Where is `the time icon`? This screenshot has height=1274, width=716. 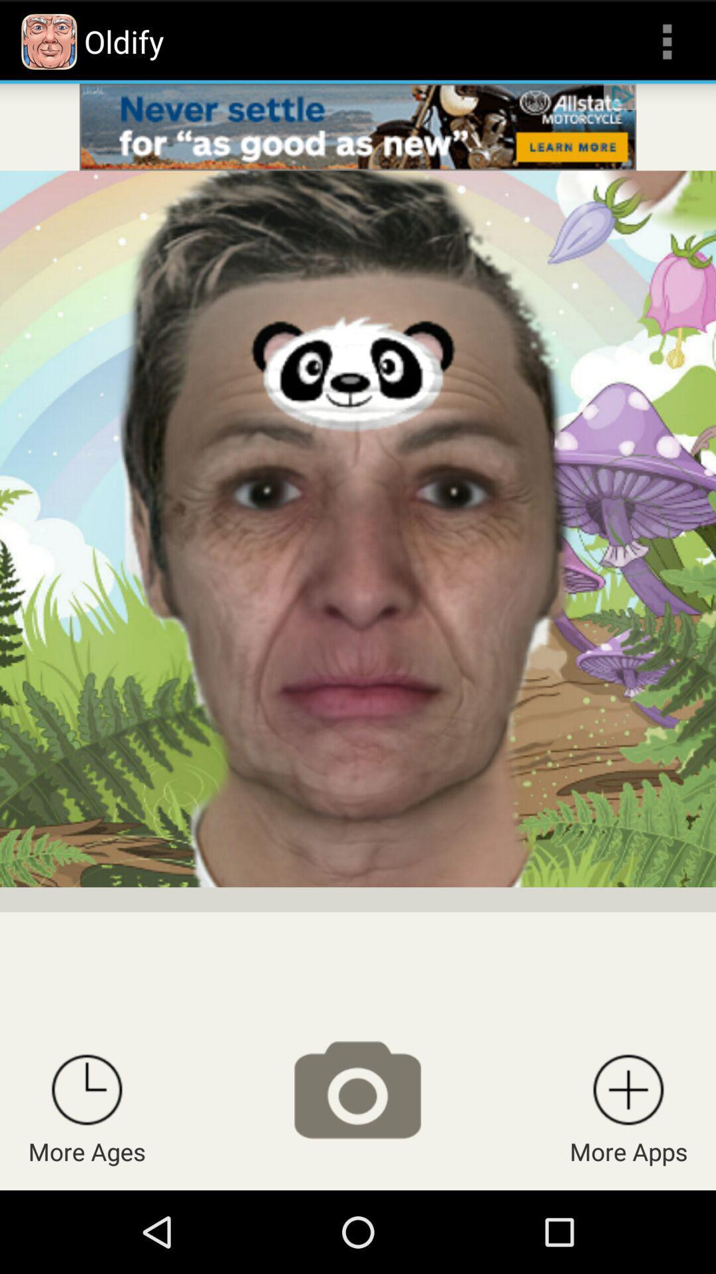
the time icon is located at coordinates (87, 1165).